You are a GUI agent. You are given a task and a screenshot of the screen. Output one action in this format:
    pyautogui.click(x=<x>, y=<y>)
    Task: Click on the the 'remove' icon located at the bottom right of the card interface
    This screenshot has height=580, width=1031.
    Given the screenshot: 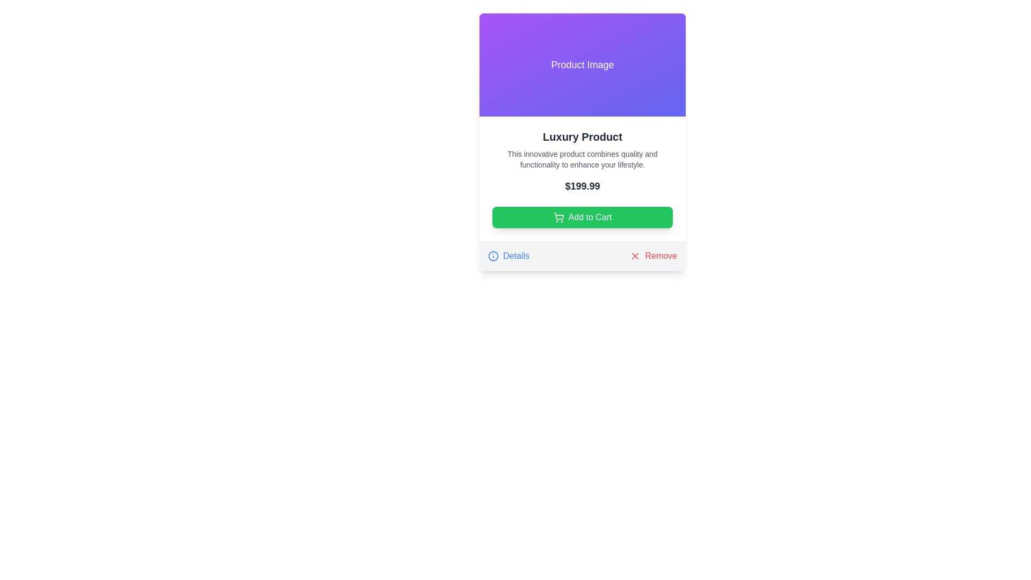 What is the action you would take?
    pyautogui.click(x=635, y=256)
    